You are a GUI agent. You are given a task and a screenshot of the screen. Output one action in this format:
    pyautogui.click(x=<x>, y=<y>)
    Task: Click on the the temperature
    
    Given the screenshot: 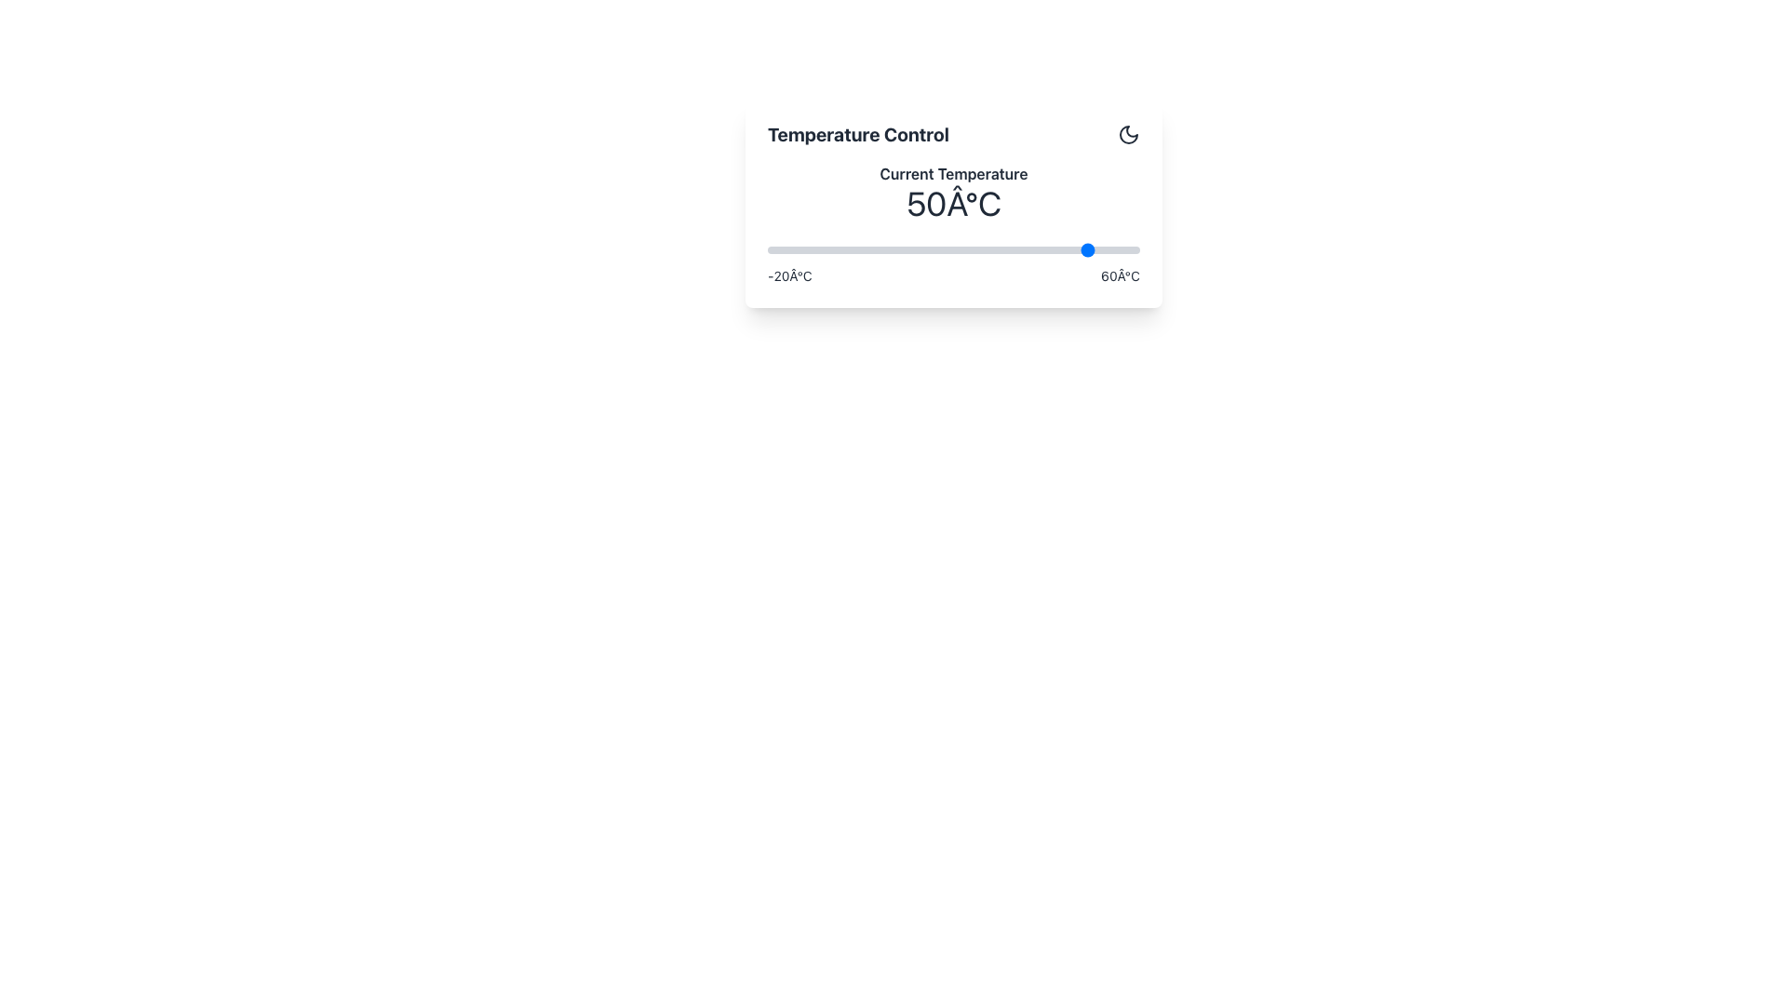 What is the action you would take?
    pyautogui.click(x=1031, y=249)
    